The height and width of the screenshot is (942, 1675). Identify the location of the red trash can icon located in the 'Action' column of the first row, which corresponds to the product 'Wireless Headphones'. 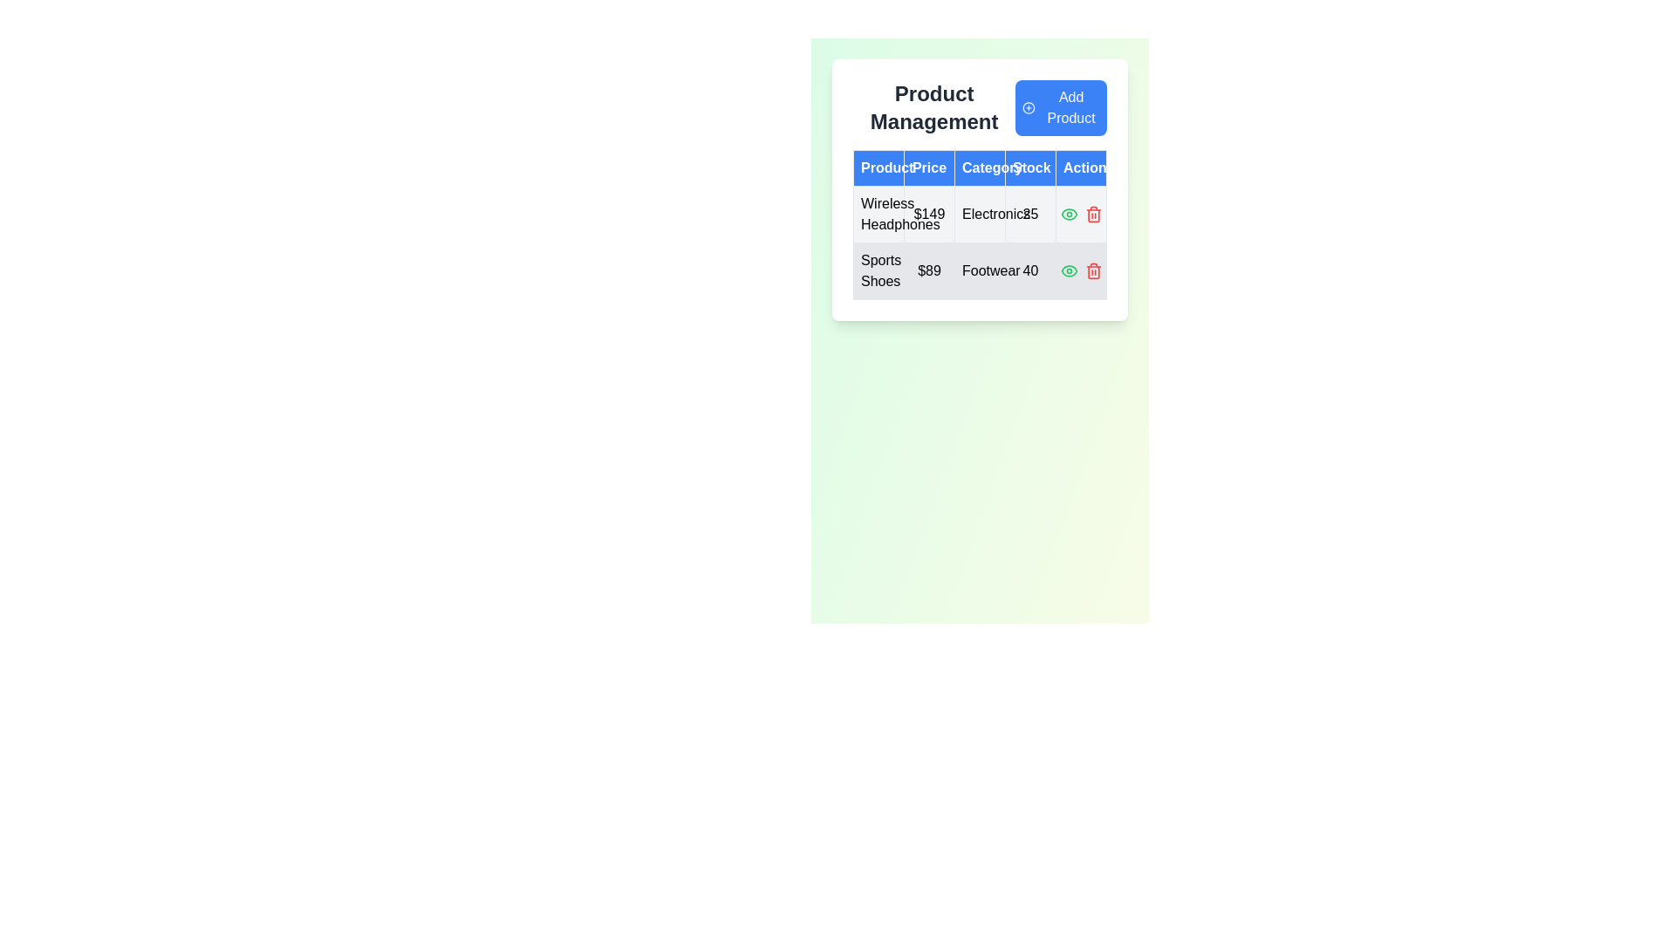
(1092, 214).